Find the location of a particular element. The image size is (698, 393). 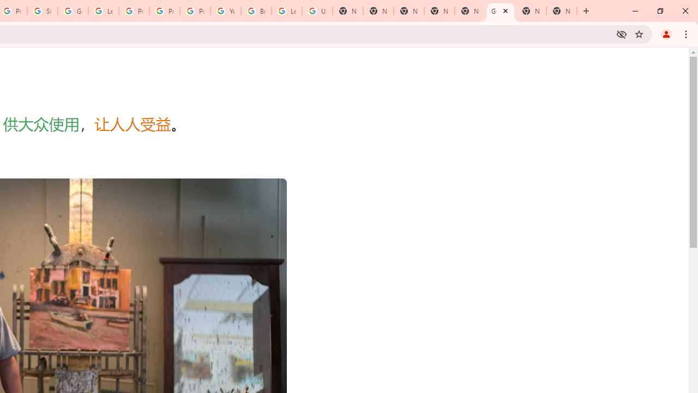

'Sign in - Google Accounts' is located at coordinates (43, 11).